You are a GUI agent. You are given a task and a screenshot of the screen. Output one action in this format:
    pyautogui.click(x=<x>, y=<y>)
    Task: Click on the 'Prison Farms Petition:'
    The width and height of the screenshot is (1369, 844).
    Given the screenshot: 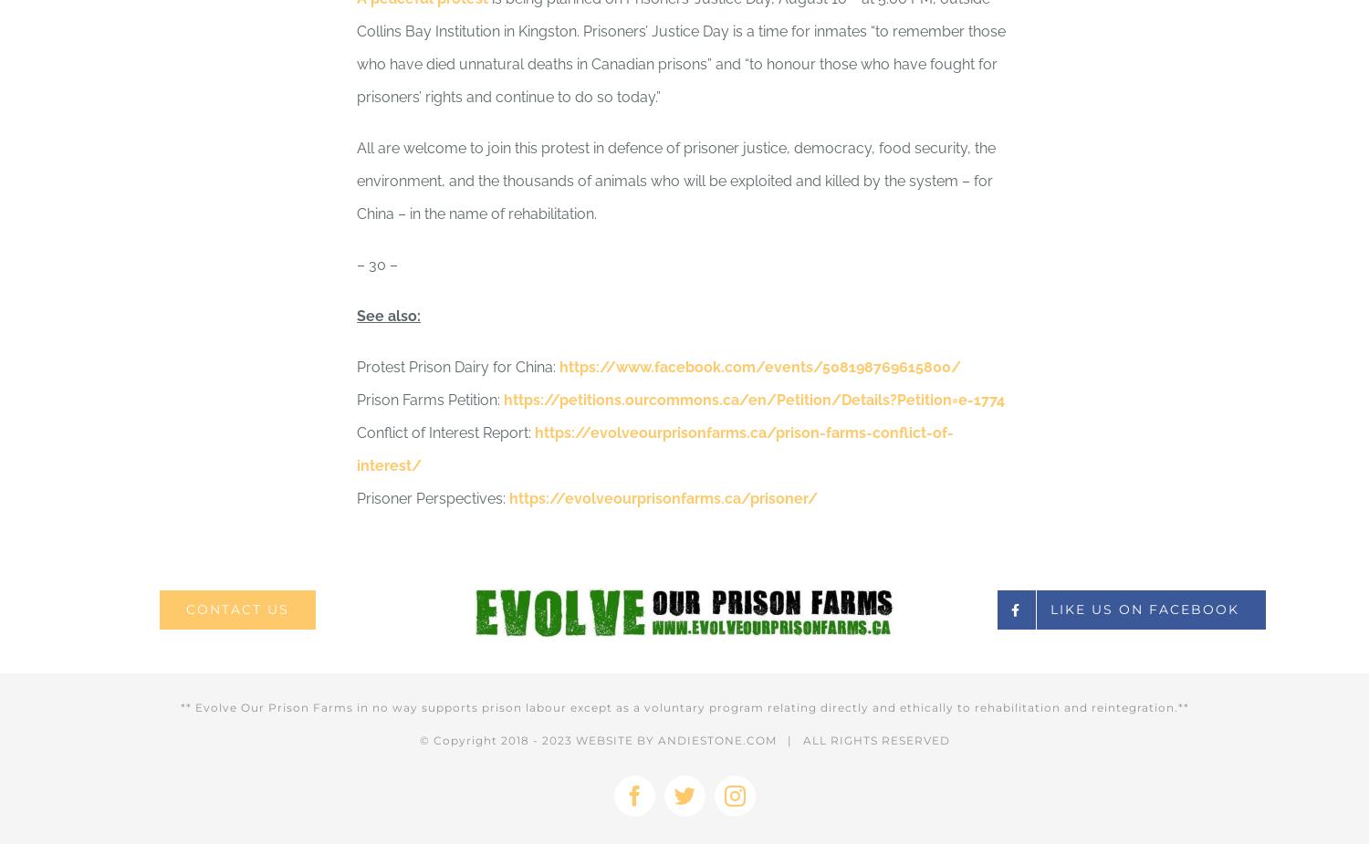 What is the action you would take?
    pyautogui.click(x=429, y=399)
    